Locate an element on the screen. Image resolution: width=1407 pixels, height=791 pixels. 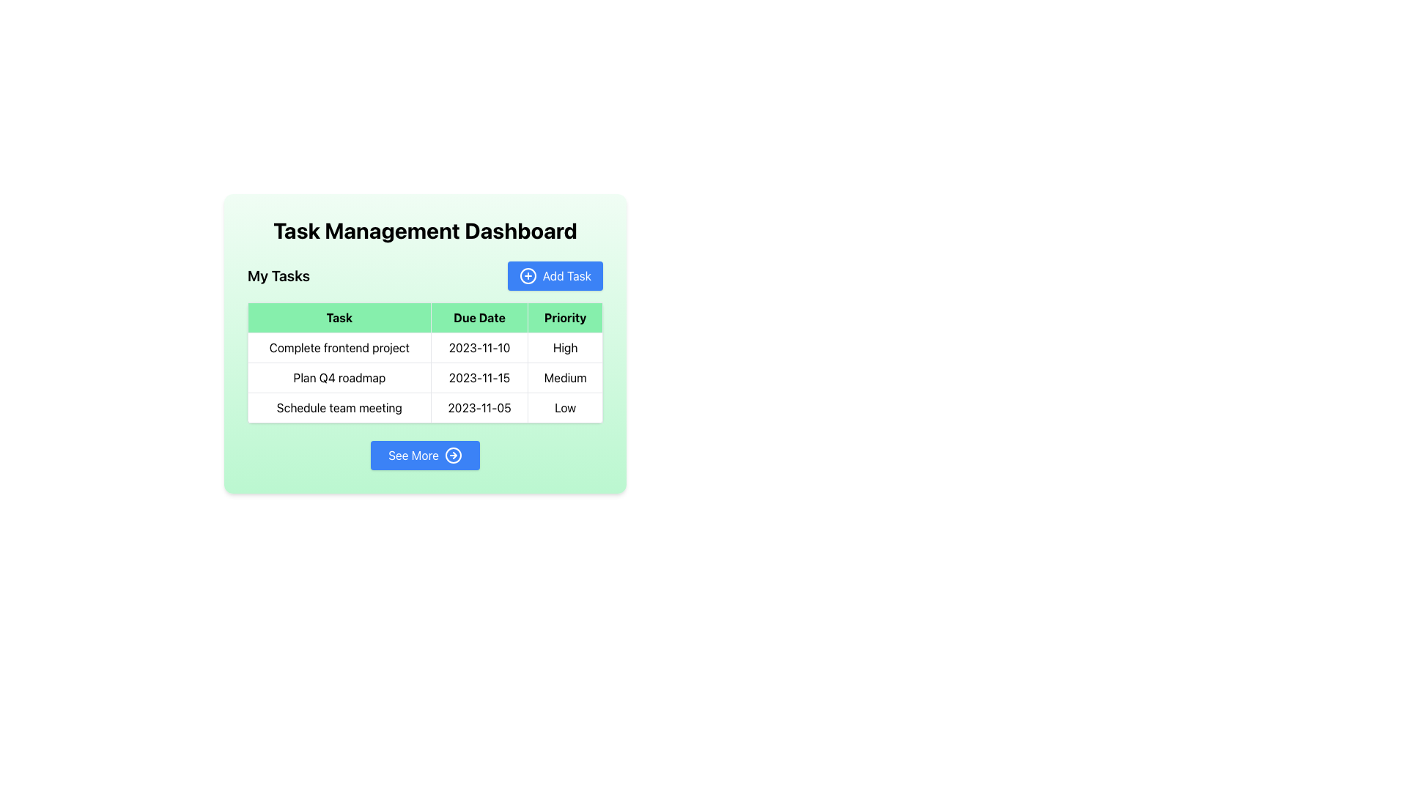
the 'See More' button located at the bottom of the green card in the Task Management Dashboard is located at coordinates (424, 454).